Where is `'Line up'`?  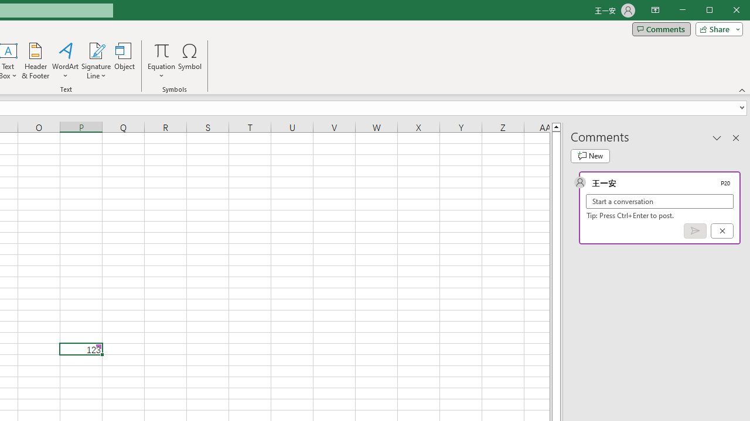 'Line up' is located at coordinates (555, 126).